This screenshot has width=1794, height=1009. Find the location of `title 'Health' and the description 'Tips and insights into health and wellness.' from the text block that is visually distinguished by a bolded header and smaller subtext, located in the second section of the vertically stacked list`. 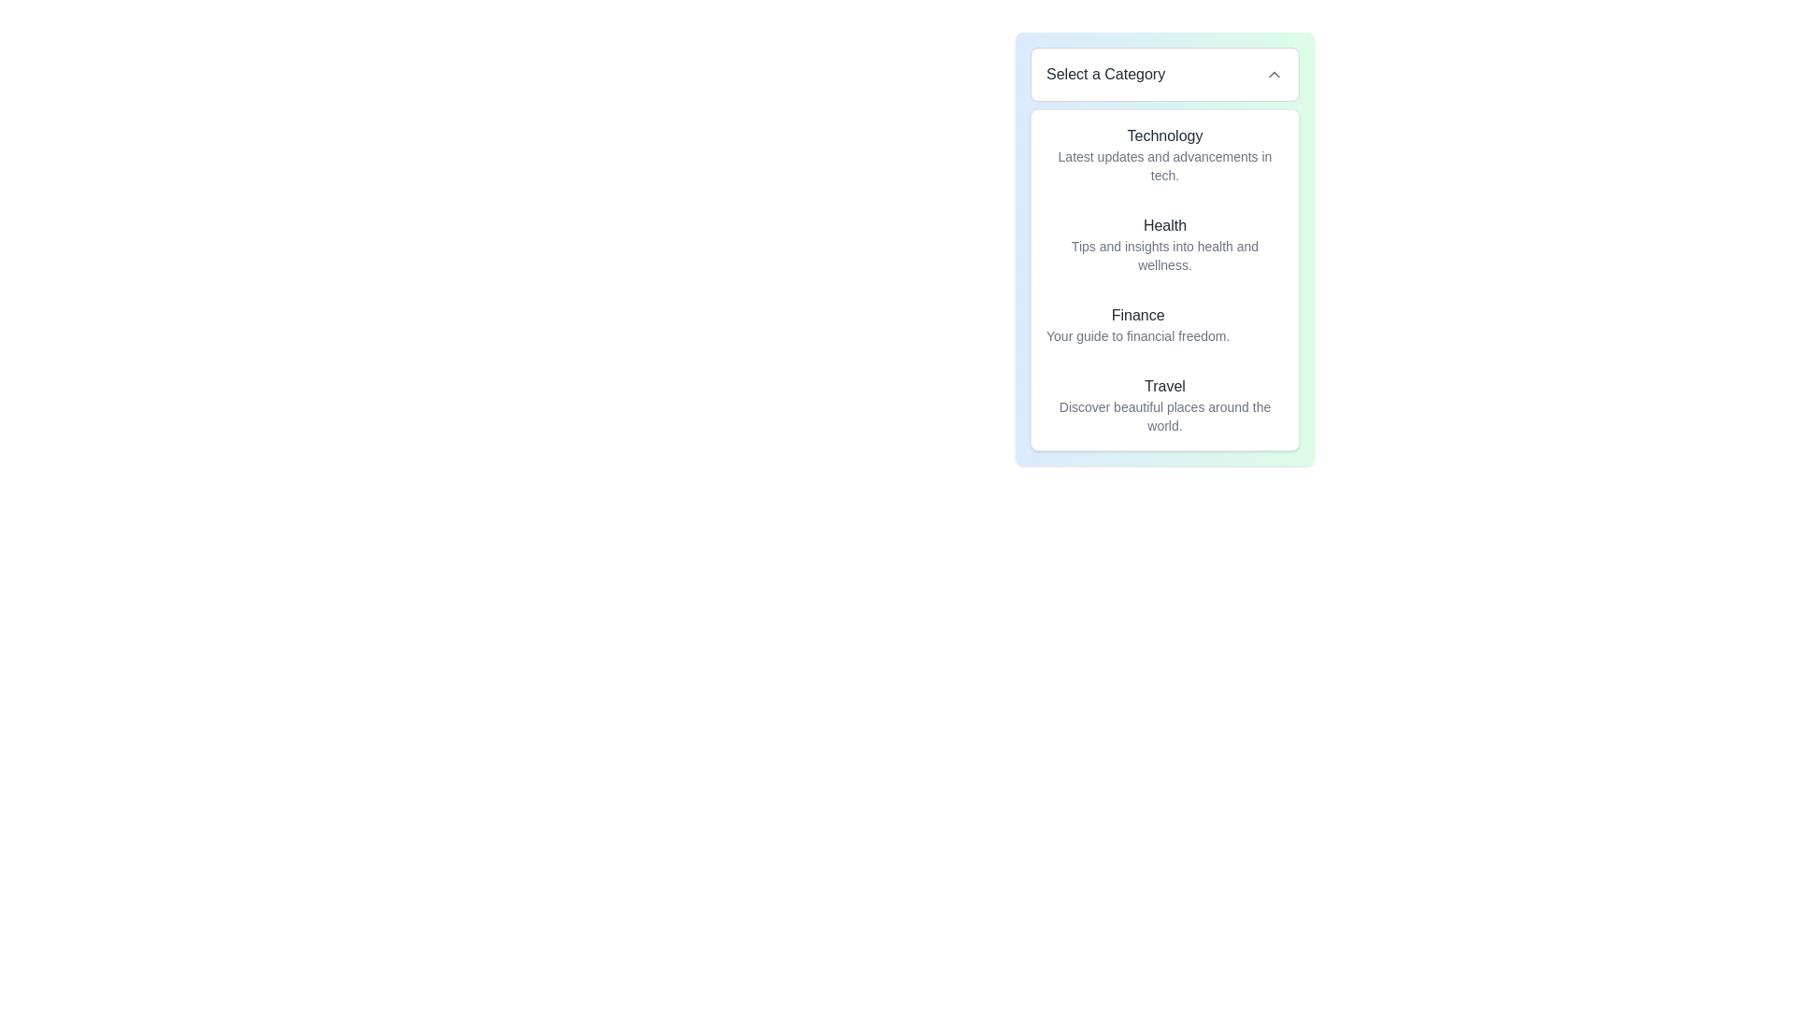

title 'Health' and the description 'Tips and insights into health and wellness.' from the text block that is visually distinguished by a bolded header and smaller subtext, located in the second section of the vertically stacked list is located at coordinates (1164, 244).